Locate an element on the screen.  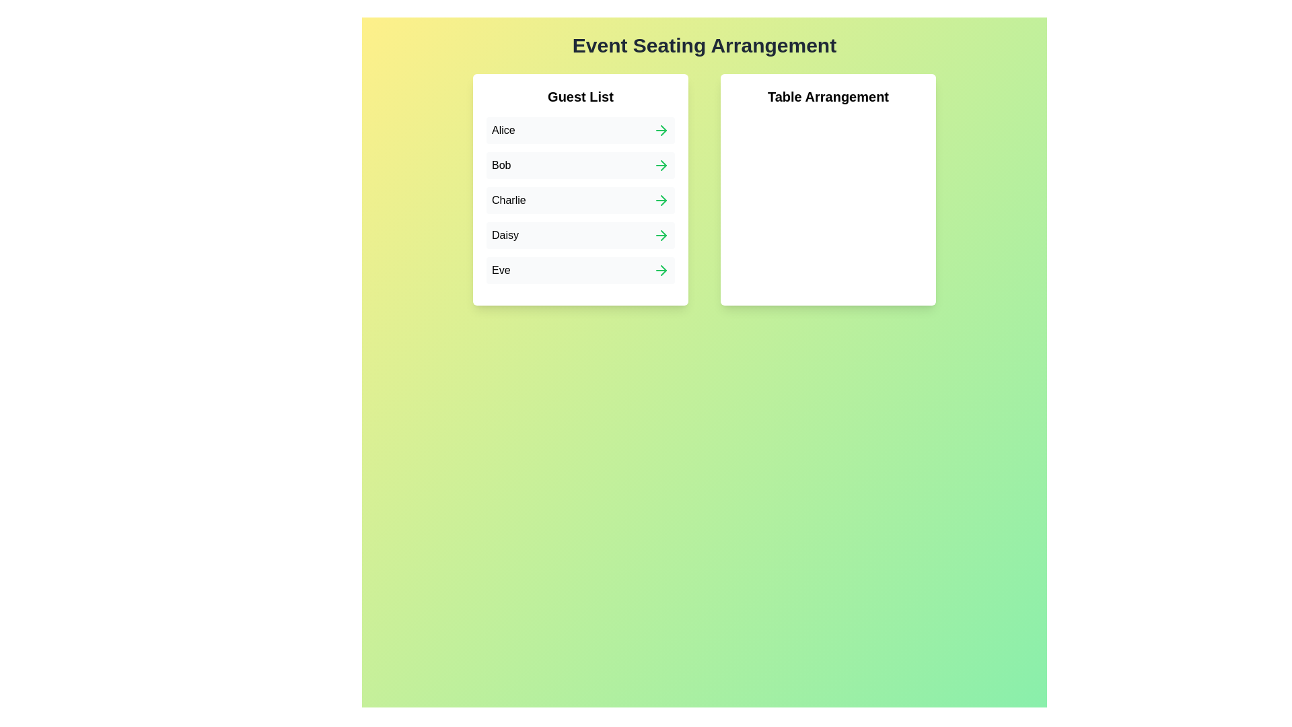
the arrow next to Daisy in the Guest List to add them to the Table Arrangement is located at coordinates (661, 235).